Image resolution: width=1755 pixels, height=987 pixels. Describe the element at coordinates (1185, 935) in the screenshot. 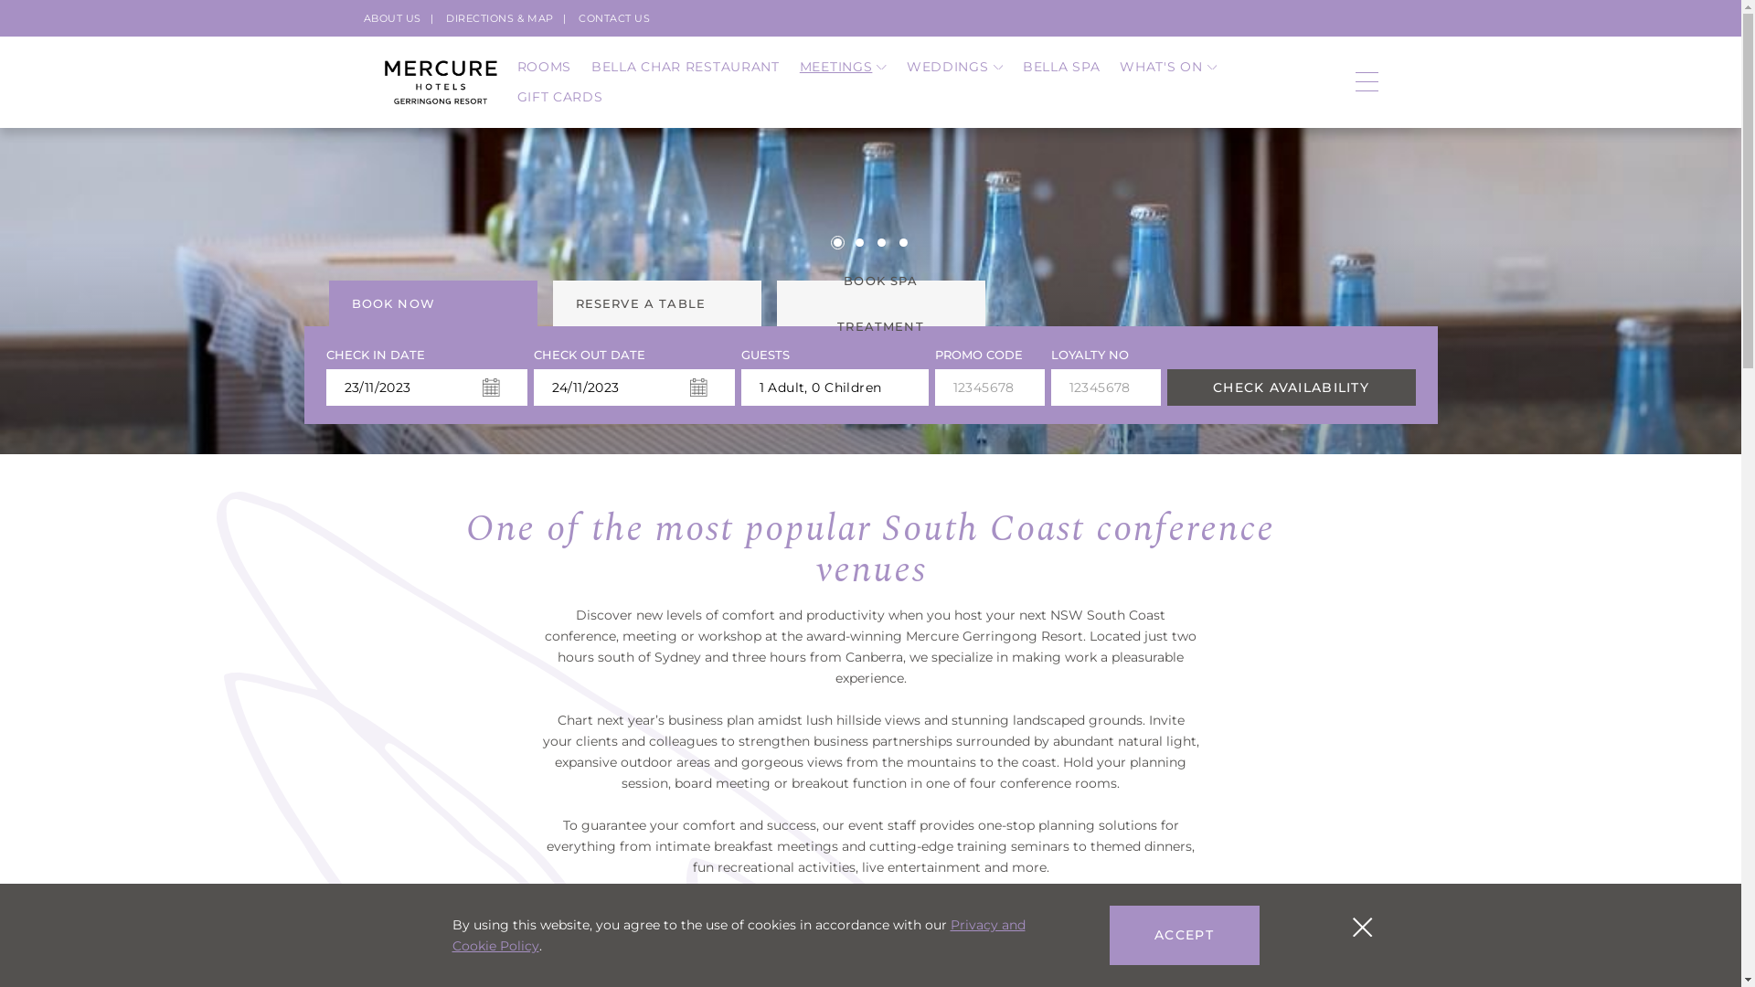

I see `'ACCEPT'` at that location.